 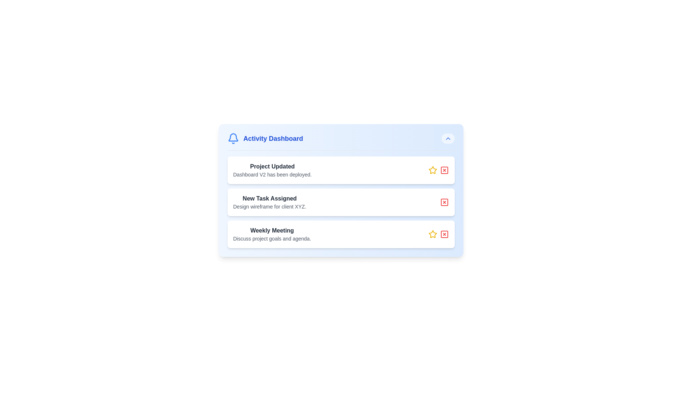 What do you see at coordinates (438, 234) in the screenshot?
I see `the yellow star icon or red 'X' icon in the Interactive action component located in the third row of the 'Weekly Meeting' action items under the 'Activity Dashboard' section` at bounding box center [438, 234].